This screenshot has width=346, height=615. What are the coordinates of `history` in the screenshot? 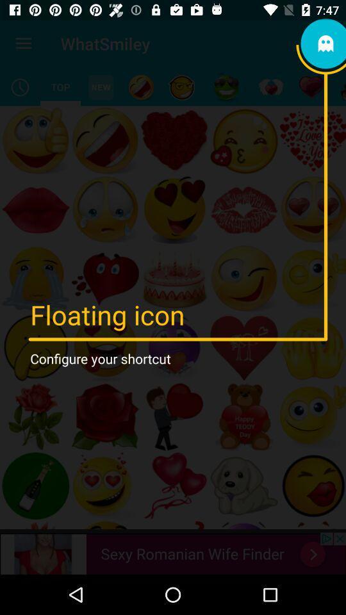 It's located at (19, 86).